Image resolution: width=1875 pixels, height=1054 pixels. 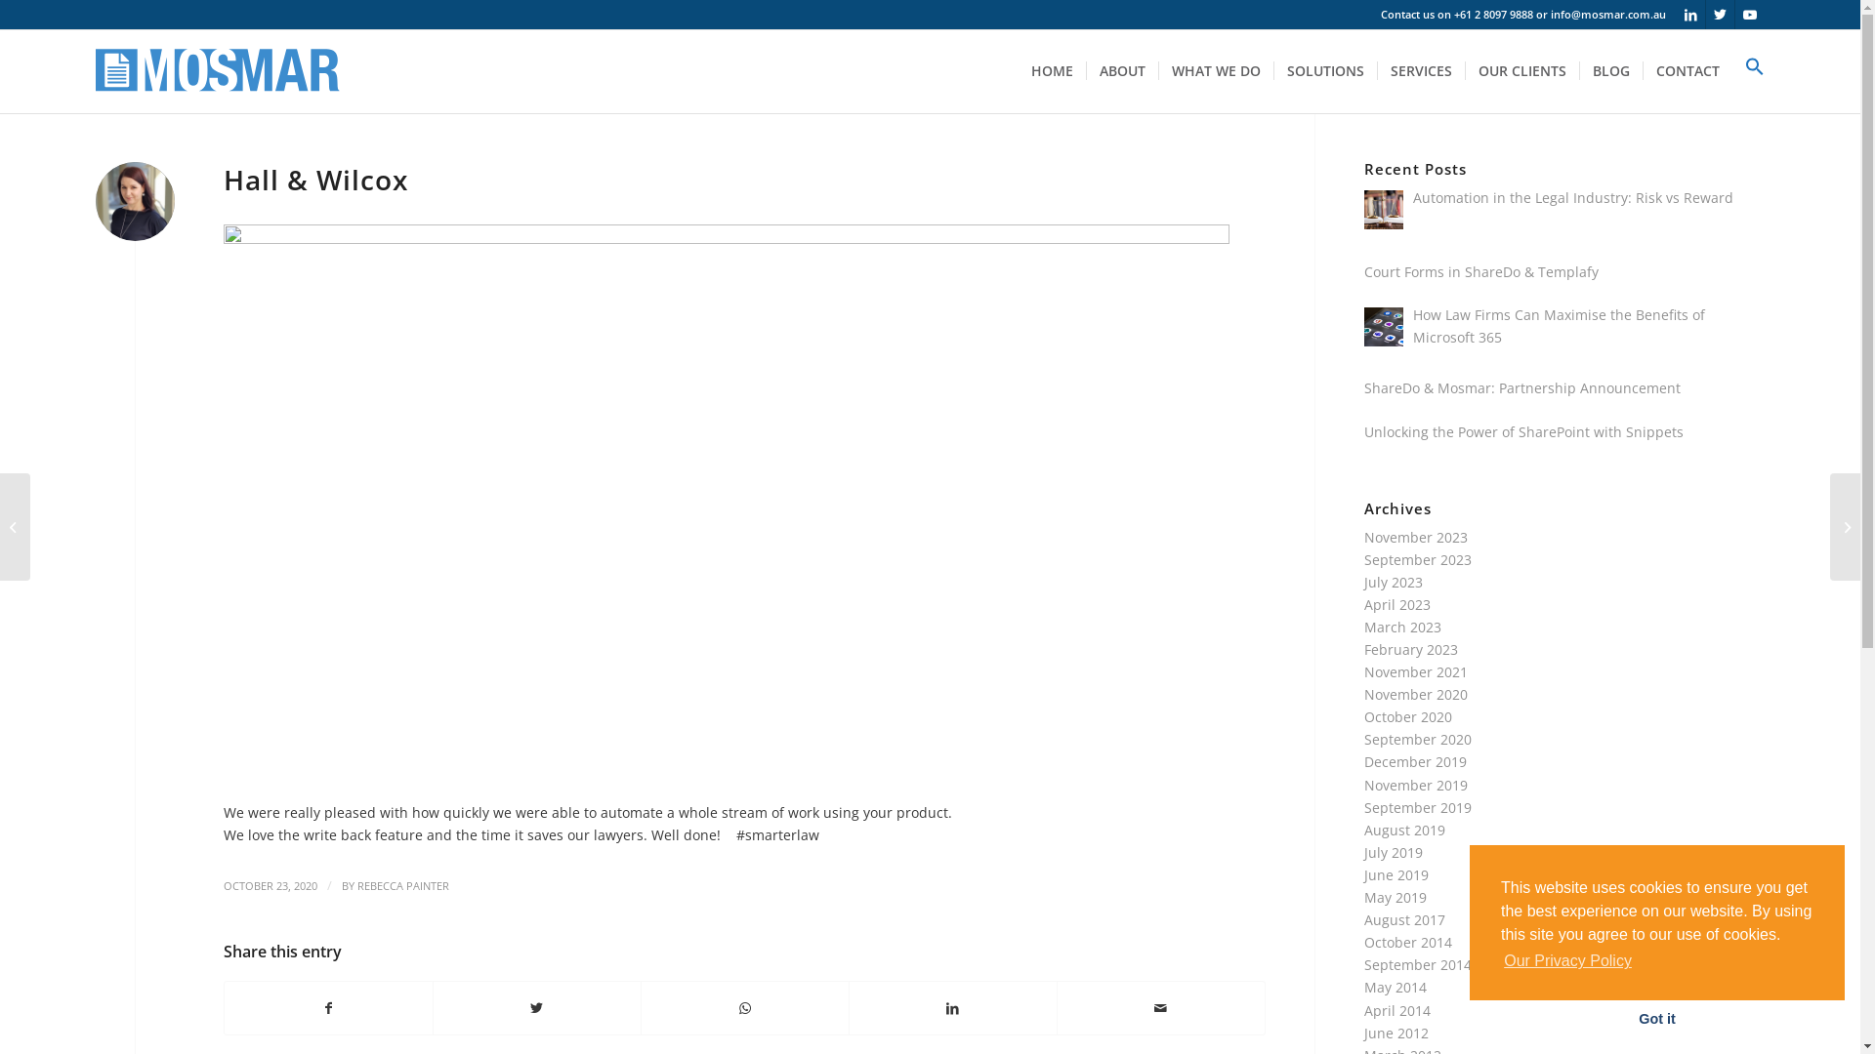 I want to click on 'HOME', so click(x=1051, y=70).